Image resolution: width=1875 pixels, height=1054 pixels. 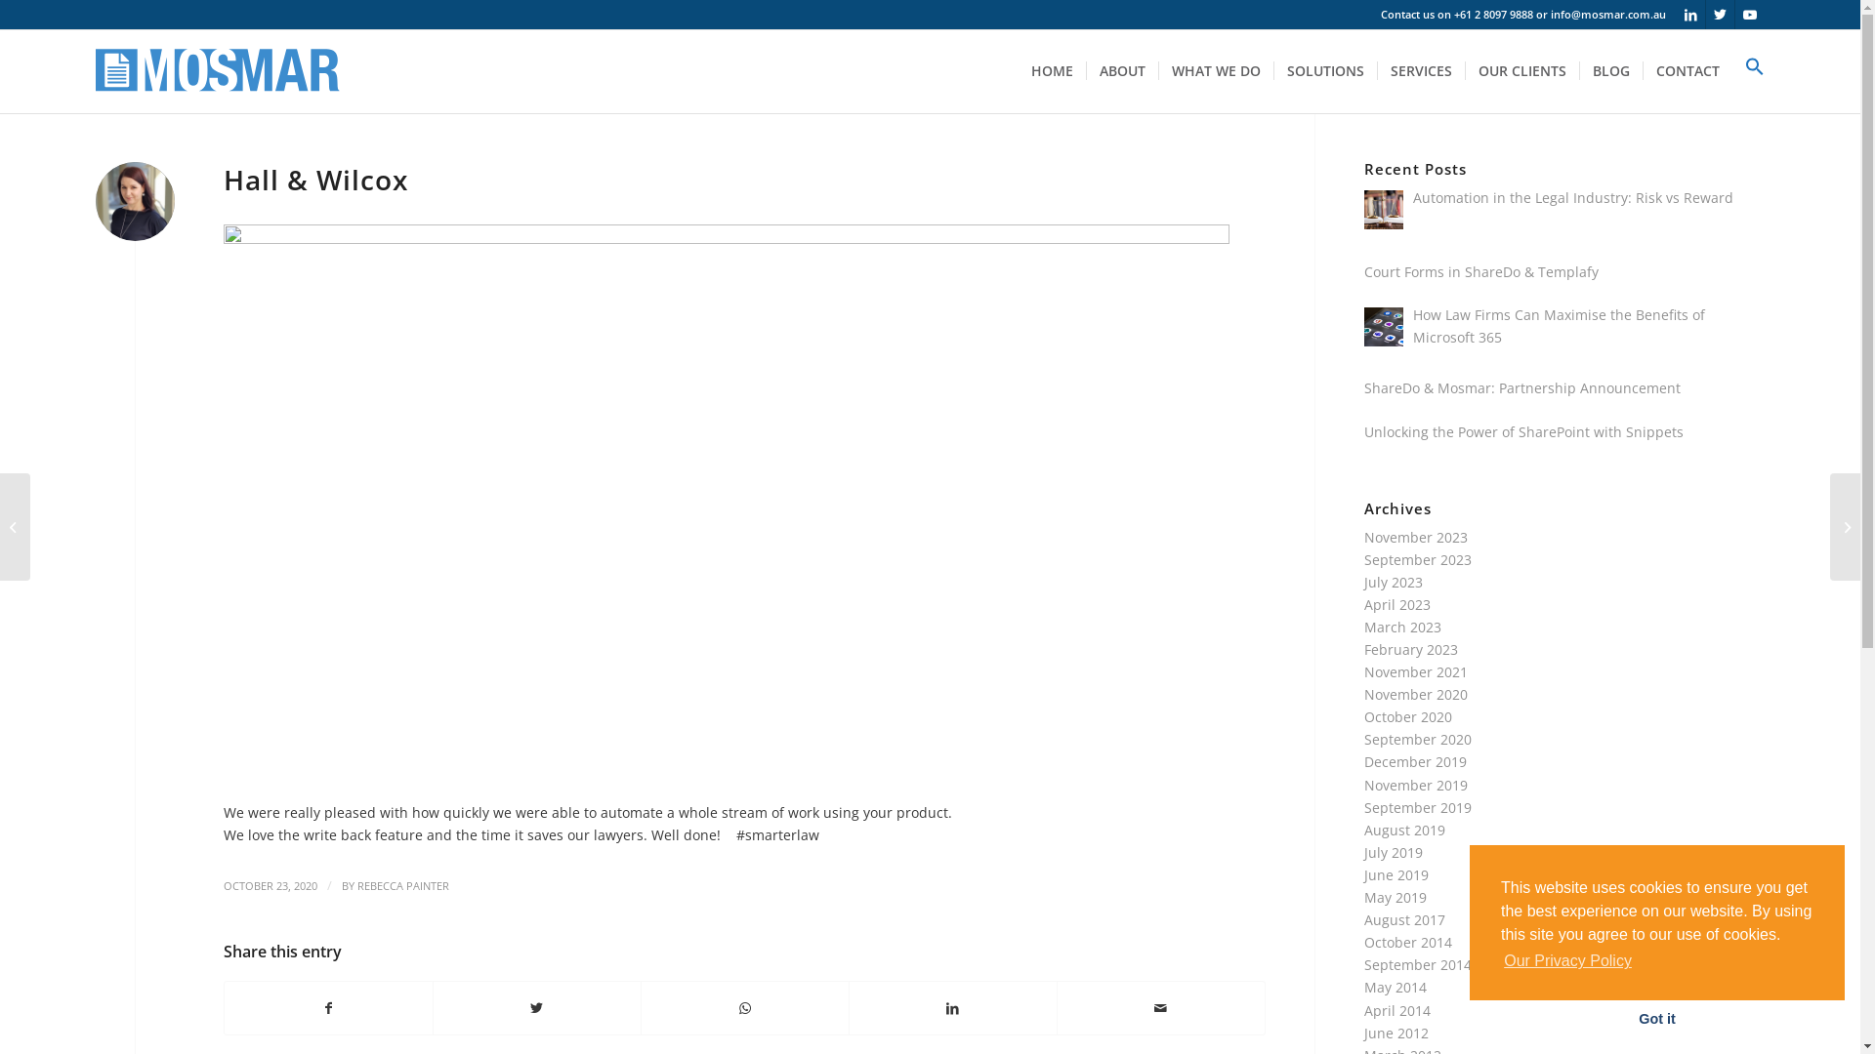 I want to click on 'HOME', so click(x=1051, y=70).